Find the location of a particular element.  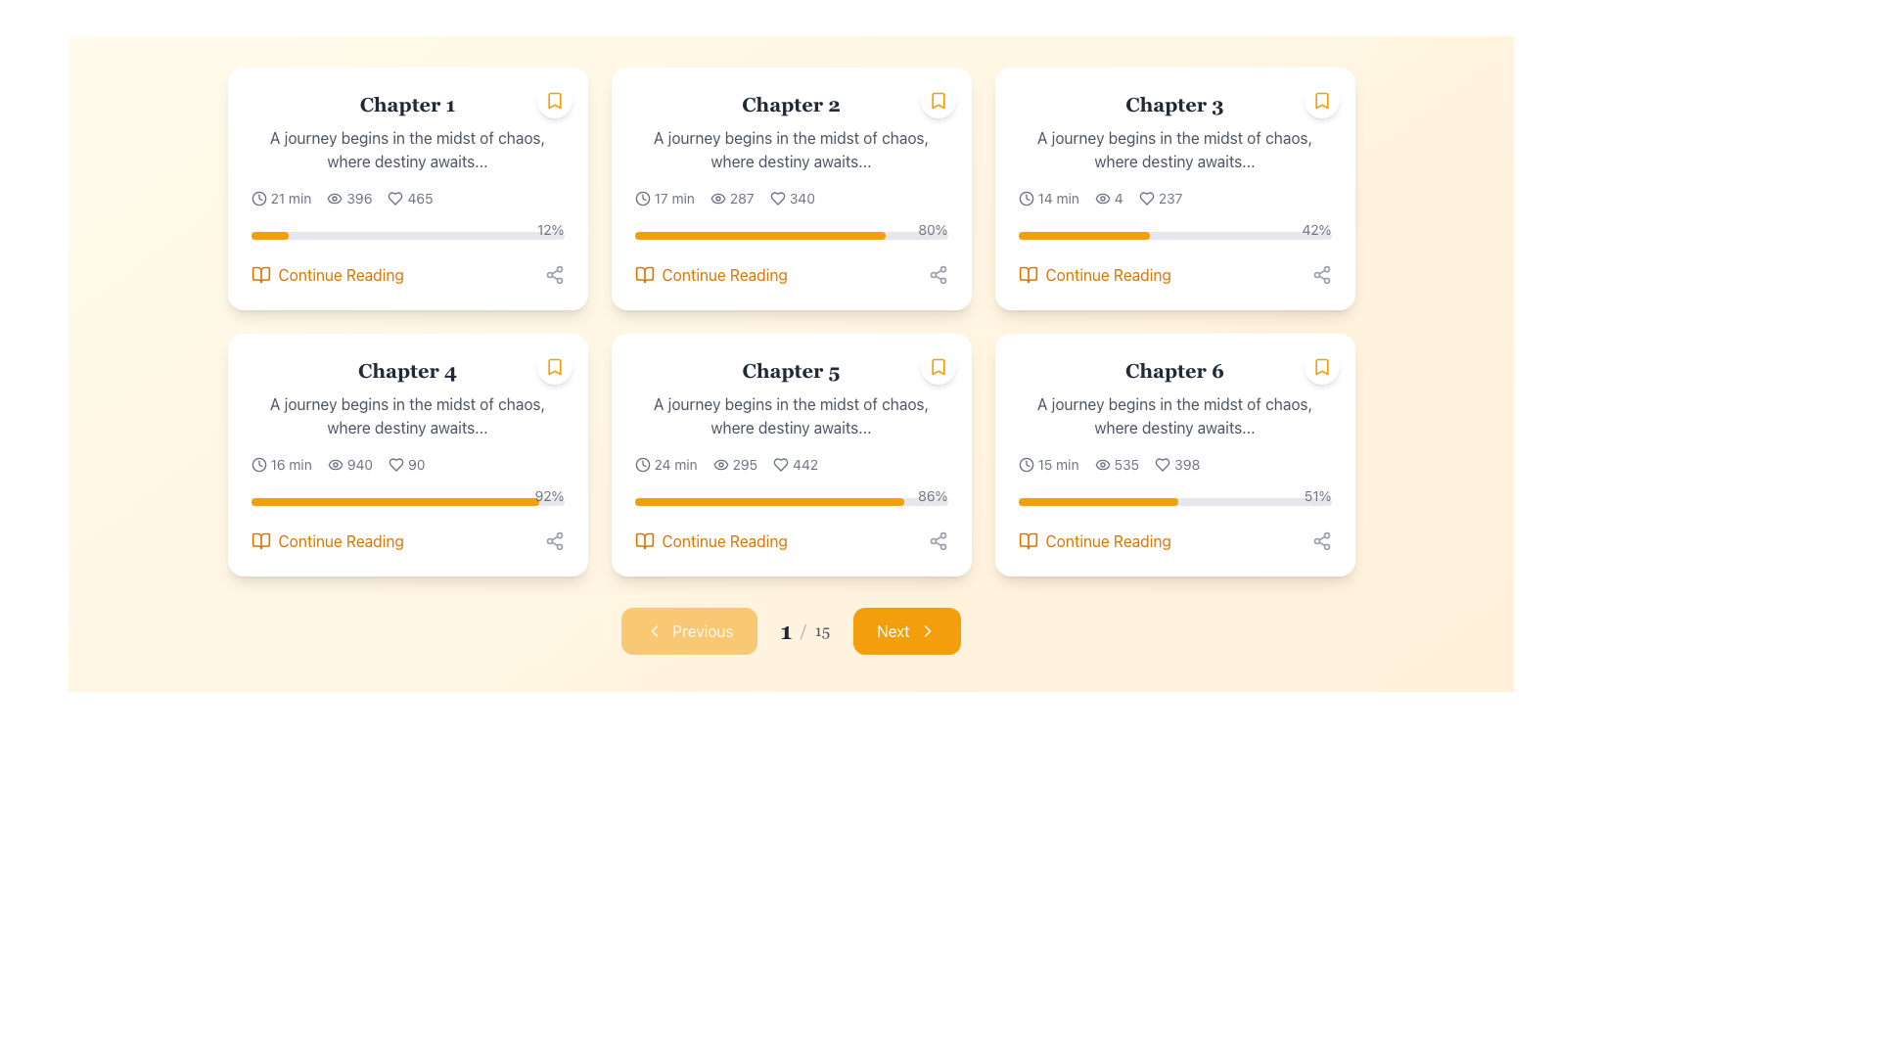

the Decorative SVG circle within the clock icon located at the top-left corner of the 'Chapter 5' card is located at coordinates (642, 464).